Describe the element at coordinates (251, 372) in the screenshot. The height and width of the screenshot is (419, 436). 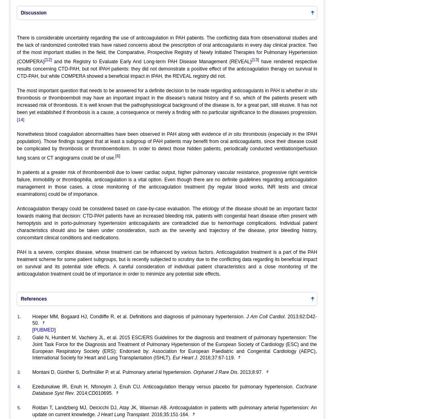
I see `'. 2013;8:97.'` at that location.